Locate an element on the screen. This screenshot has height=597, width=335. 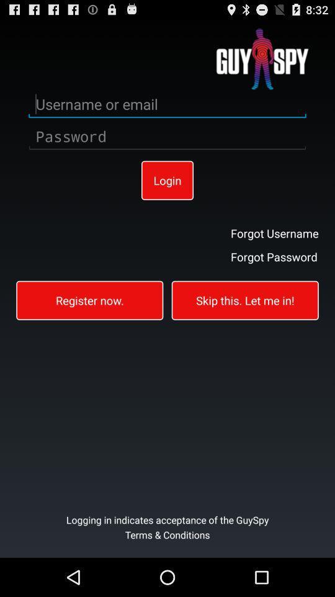
icon below the forgot username icon is located at coordinates (274, 256).